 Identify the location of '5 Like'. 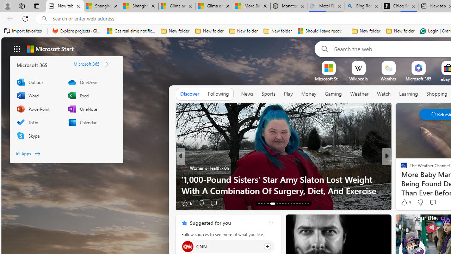
(406, 202).